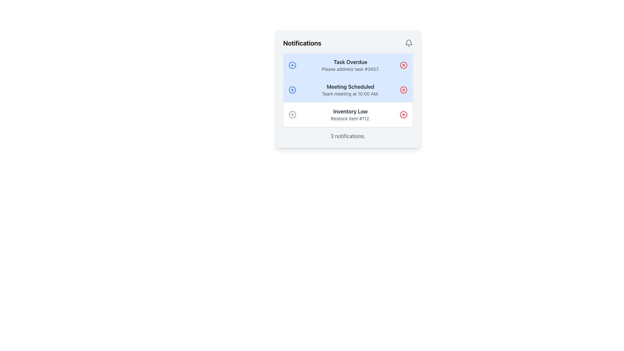  What do you see at coordinates (292, 65) in the screenshot?
I see `the circular icon in the notification section that represents the first notification entry for 'Task Overdue'` at bounding box center [292, 65].